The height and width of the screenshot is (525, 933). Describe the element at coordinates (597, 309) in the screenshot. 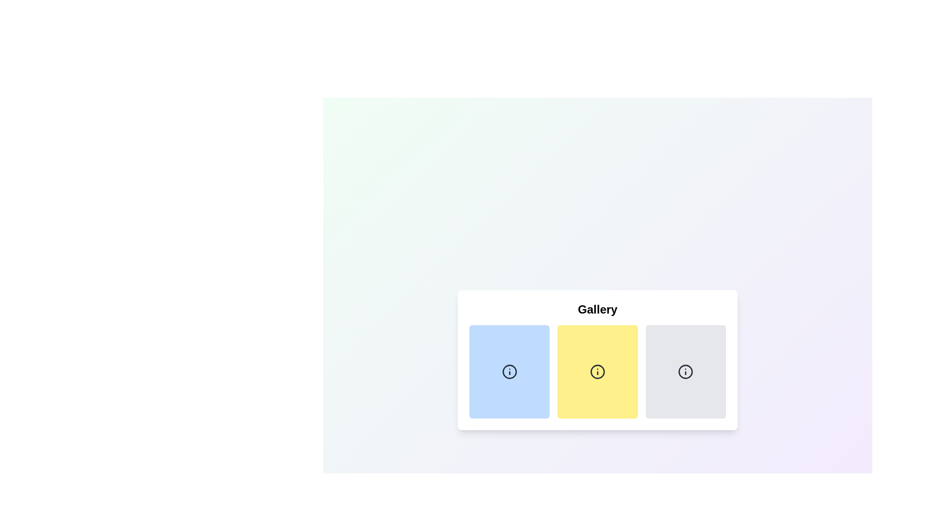

I see `the Text label (Heading) that indicates the content or topic of the section in the white card with rounded corners and shadow effect` at that location.